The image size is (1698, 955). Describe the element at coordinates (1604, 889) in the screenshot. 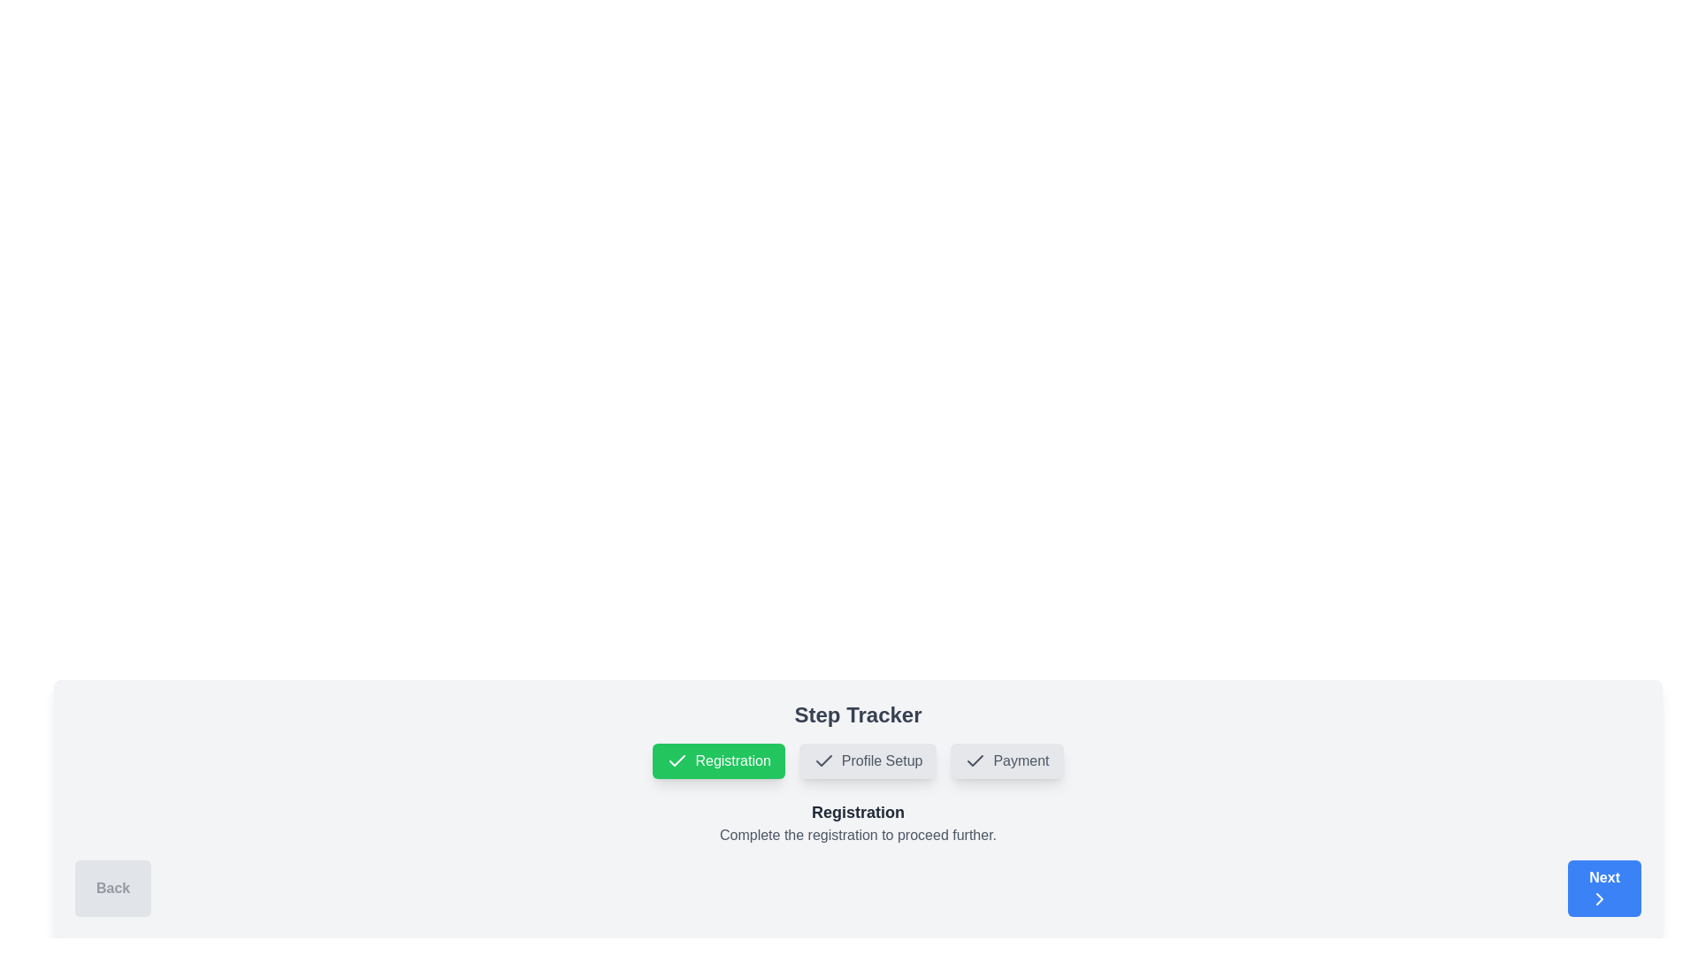

I see `the blue rectangular button labeled 'Next' with a rightward-pointing chevron icon` at that location.